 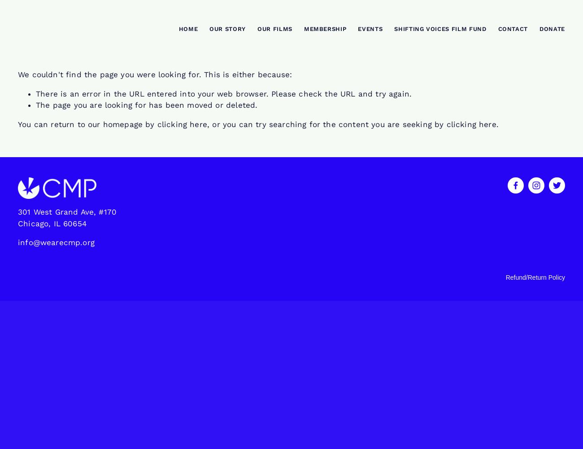 What do you see at coordinates (357, 28) in the screenshot?
I see `'Events'` at bounding box center [357, 28].